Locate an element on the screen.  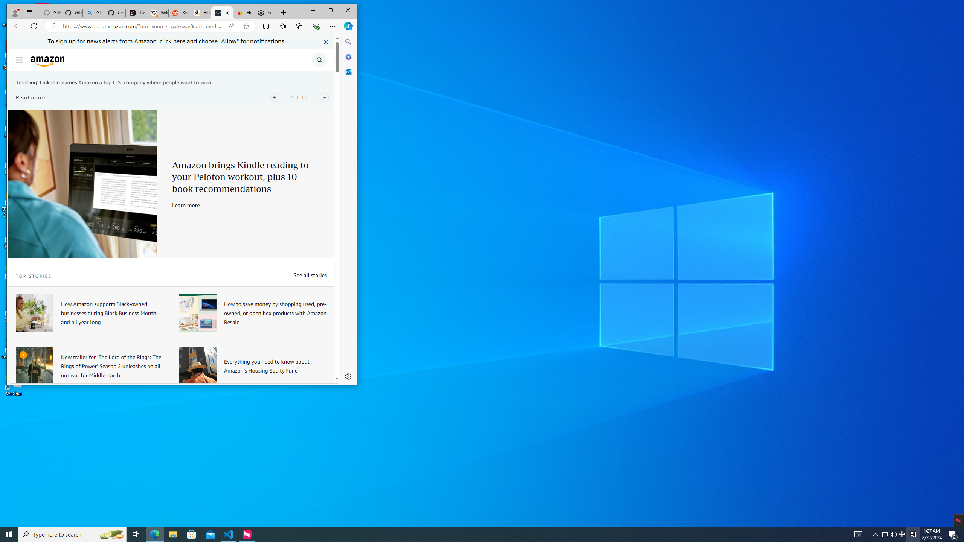
'Action Center, 2 new notifications' is located at coordinates (953, 534).